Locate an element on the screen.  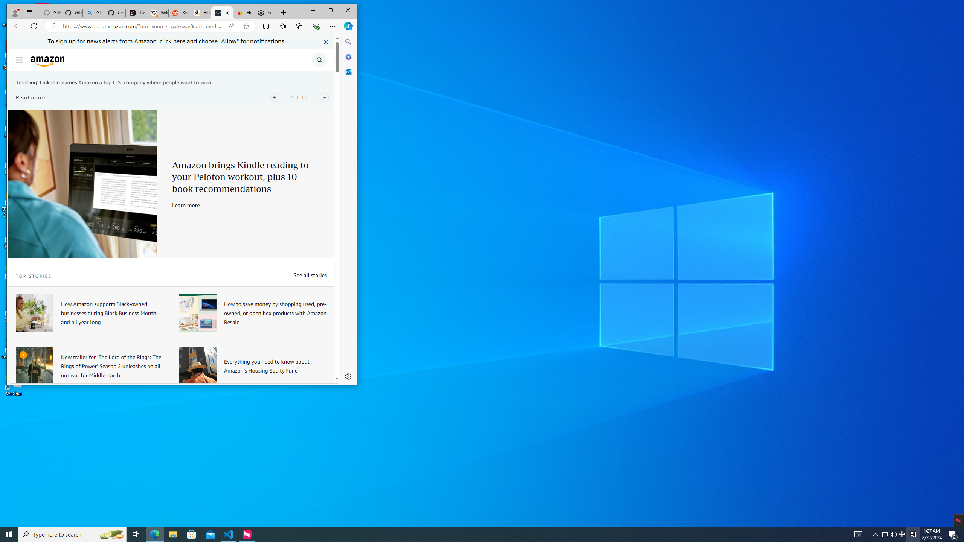
'Action Center, 2 new notifications' is located at coordinates (953, 534).